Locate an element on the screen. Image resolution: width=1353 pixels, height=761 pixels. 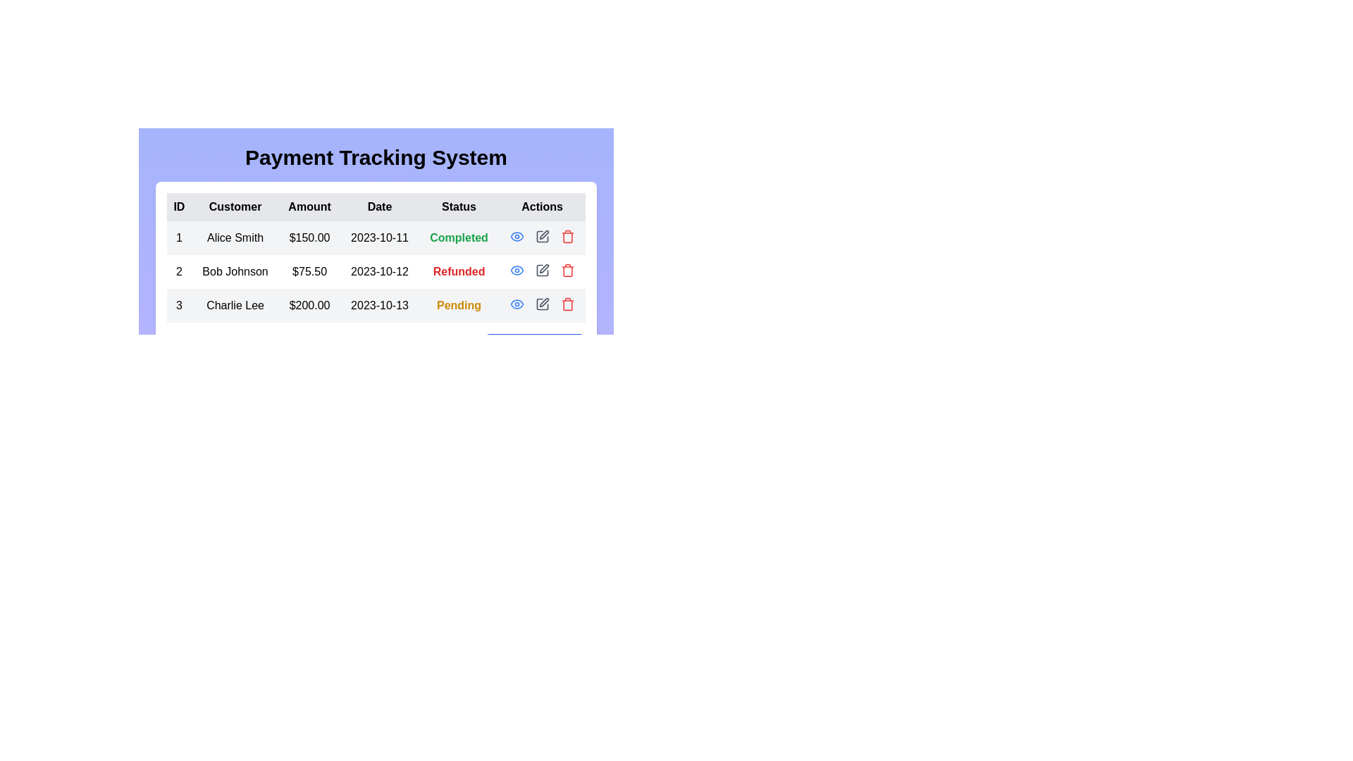
the Text display element that shows the transaction amount for Alice Smith, located in the second cell of the 'Amount' column in the first row beneath the header, styled with 'bg-gray-100' is located at coordinates (309, 237).